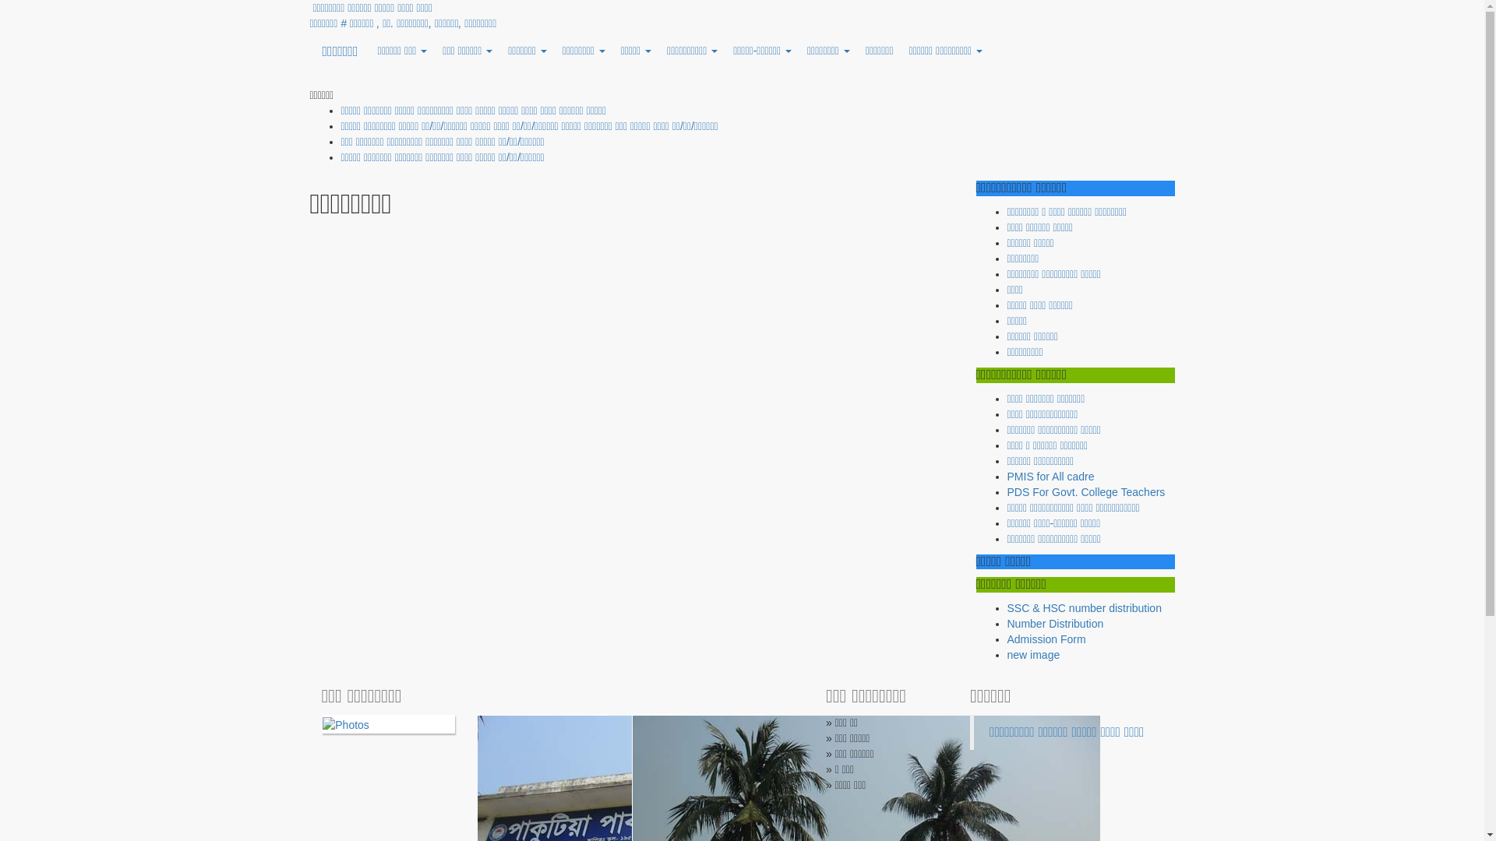 This screenshot has width=1496, height=841. I want to click on 'new image', so click(1032, 654).